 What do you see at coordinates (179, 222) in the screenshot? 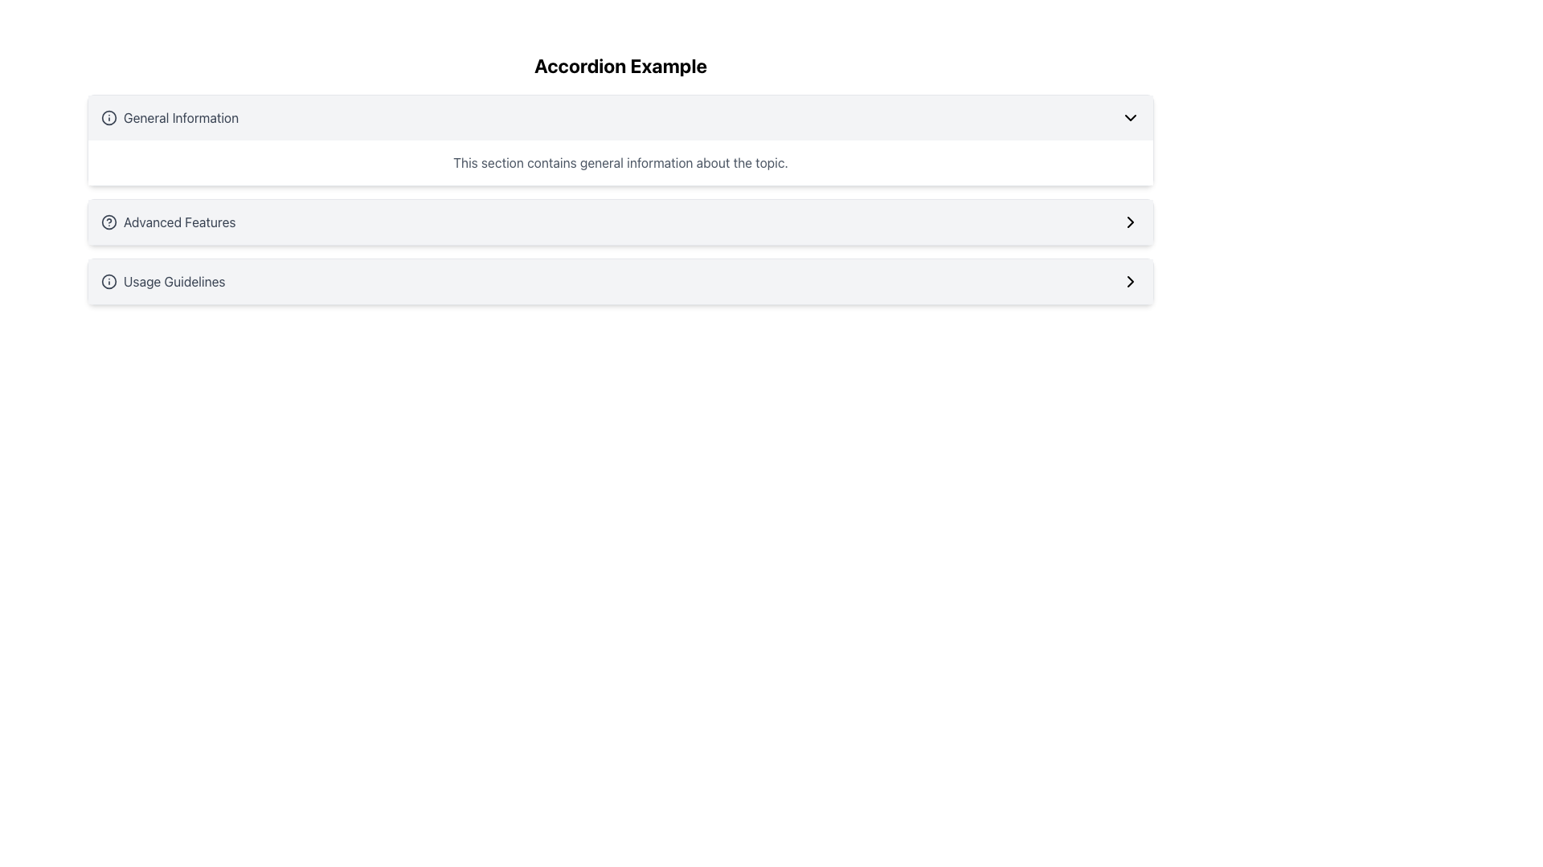
I see `the Text Label displaying 'Advanced Features'` at bounding box center [179, 222].